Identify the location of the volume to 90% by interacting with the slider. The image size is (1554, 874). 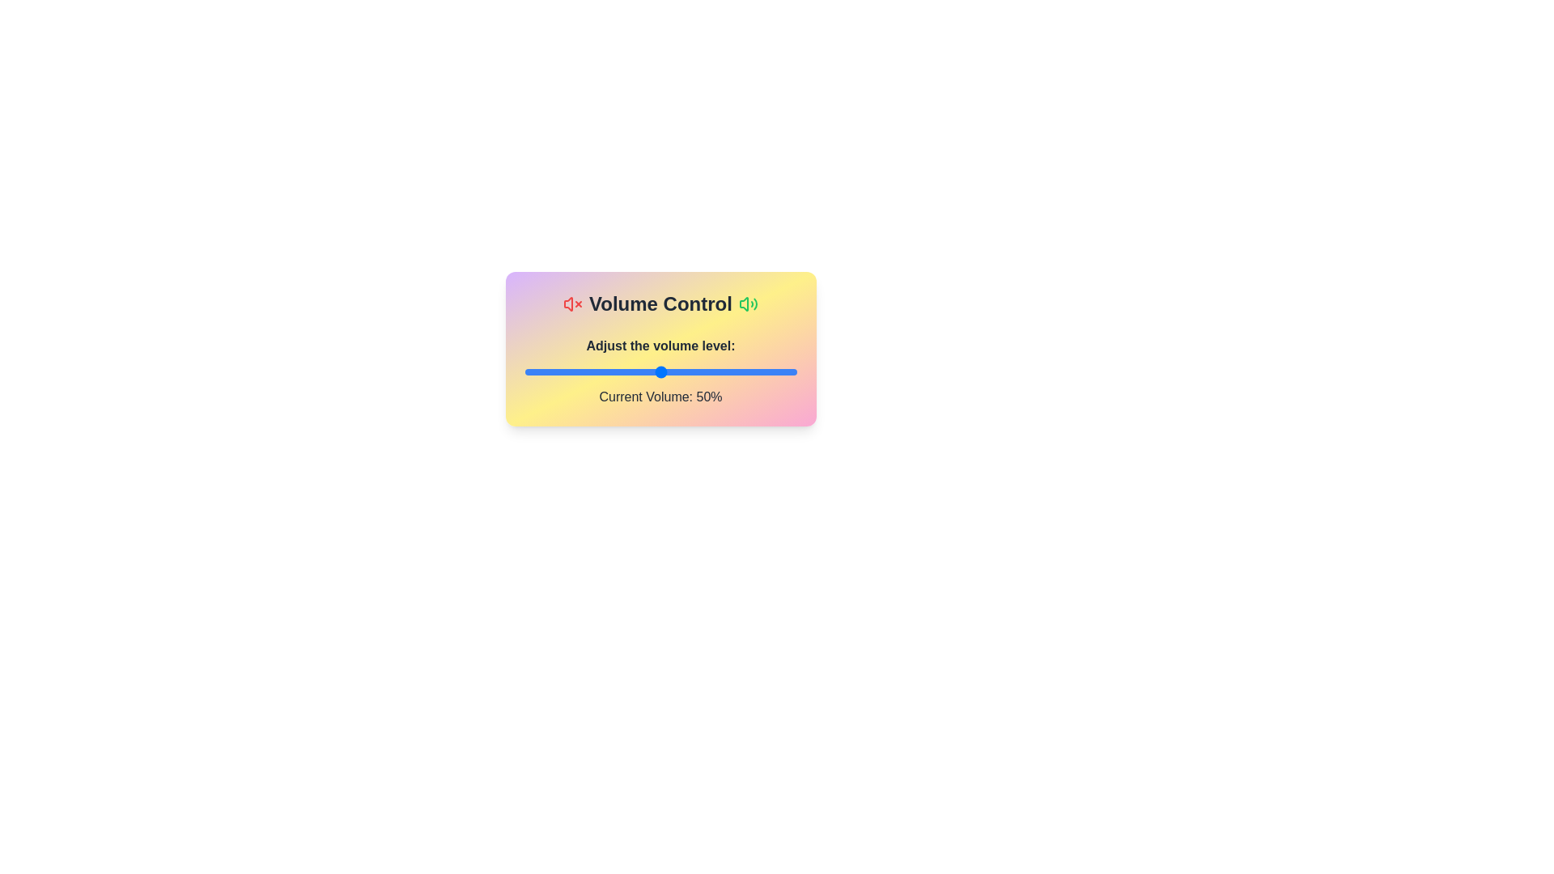
(768, 371).